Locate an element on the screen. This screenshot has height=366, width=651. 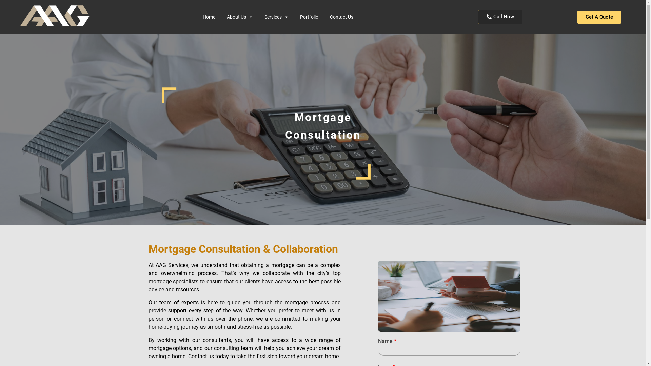
'Get A Quote' is located at coordinates (599, 16).